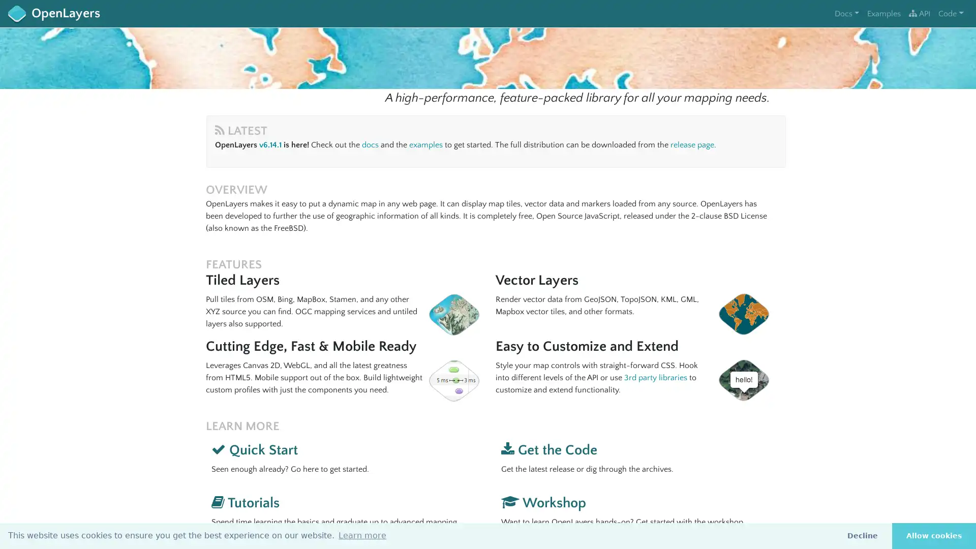  Describe the element at coordinates (11, 39) in the screenshot. I see `+` at that location.